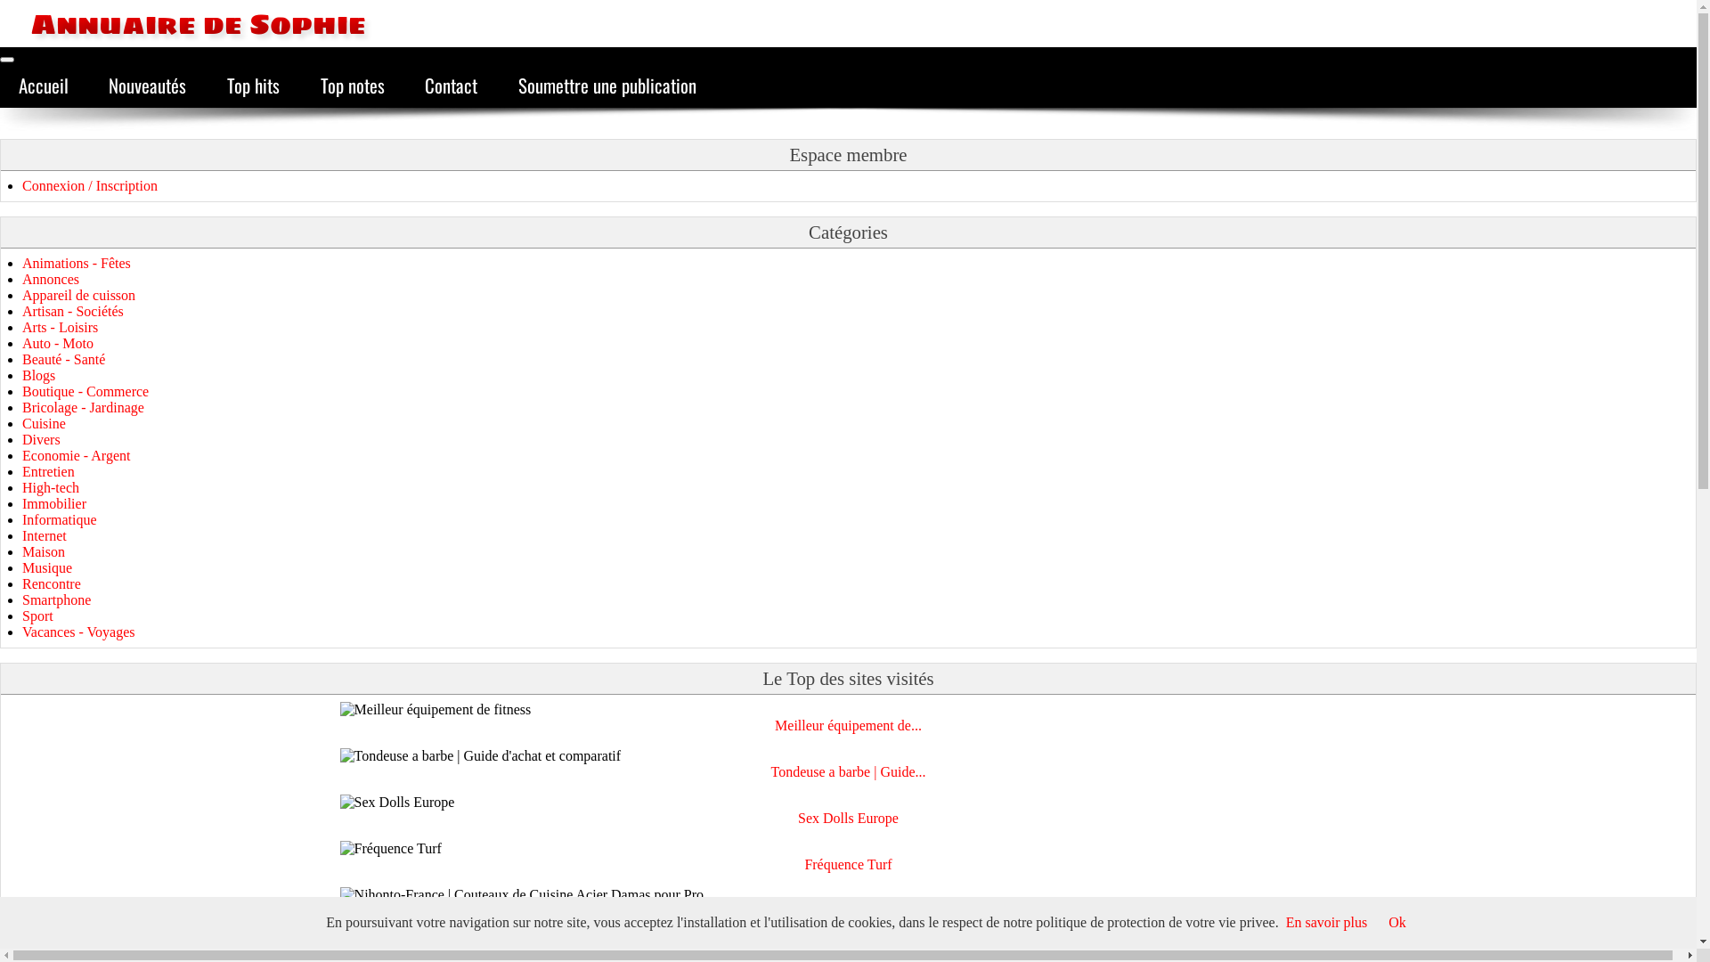  Describe the element at coordinates (77, 294) in the screenshot. I see `'Appareil de cuisson'` at that location.